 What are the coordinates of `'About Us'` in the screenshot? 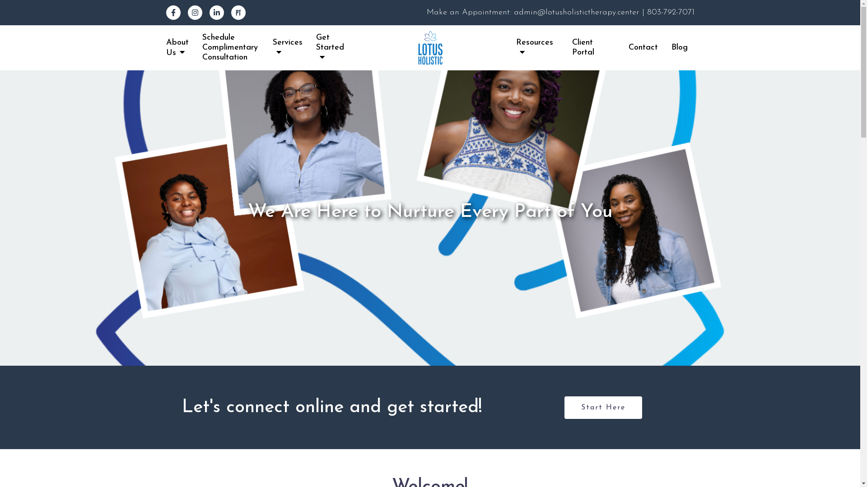 It's located at (177, 48).